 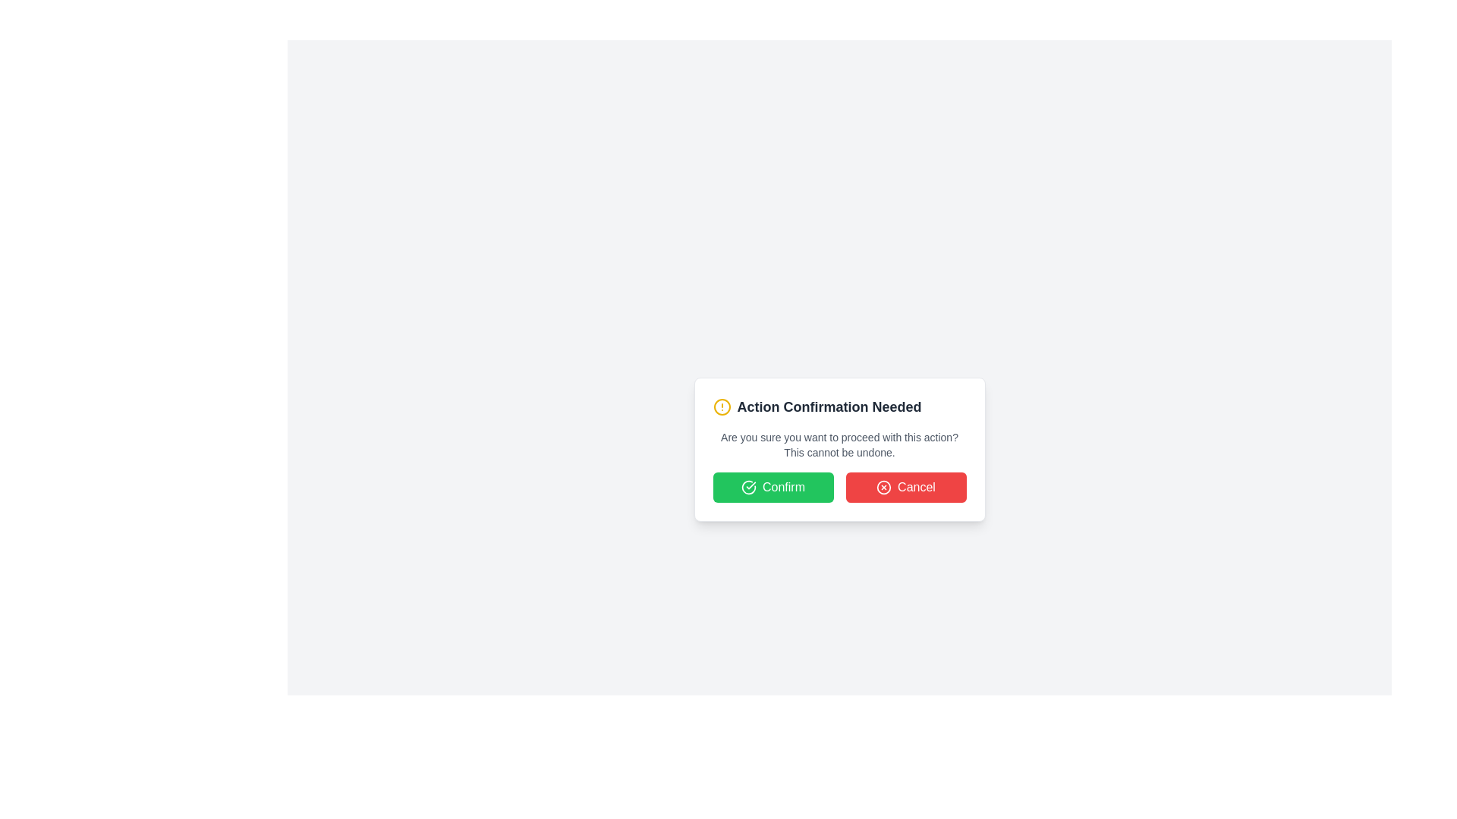 I want to click on the SVG circle element styled as part of an icon, which is located towards the upper-left corner of a confirmation dialog box, so click(x=884, y=488).